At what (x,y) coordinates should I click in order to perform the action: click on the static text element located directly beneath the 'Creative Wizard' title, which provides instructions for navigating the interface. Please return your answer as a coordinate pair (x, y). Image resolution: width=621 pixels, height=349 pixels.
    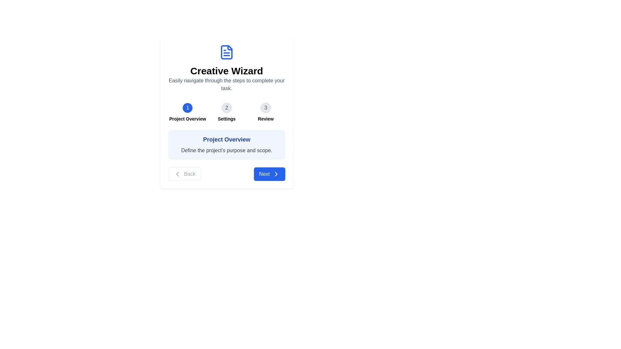
    Looking at the image, I should click on (226, 84).